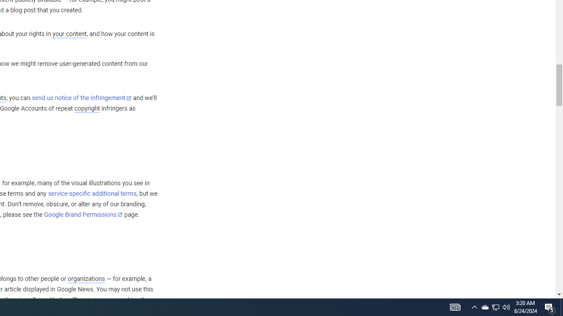  Describe the element at coordinates (69, 34) in the screenshot. I see `'your content'` at that location.